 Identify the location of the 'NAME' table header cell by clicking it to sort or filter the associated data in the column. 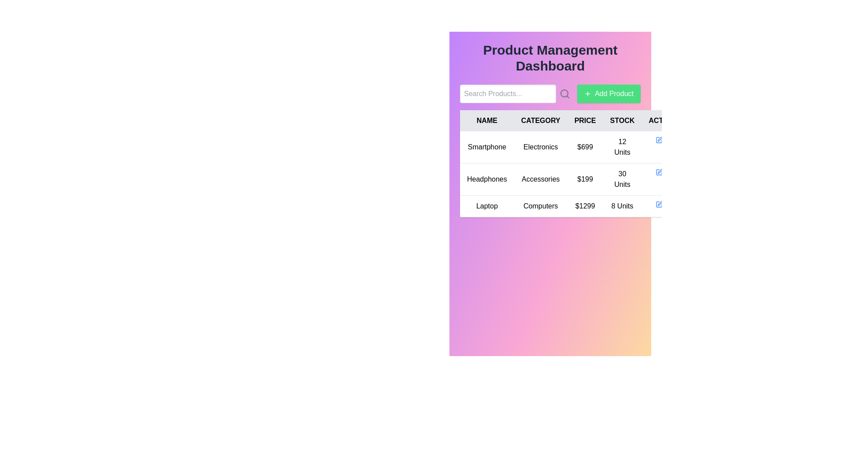
(486, 120).